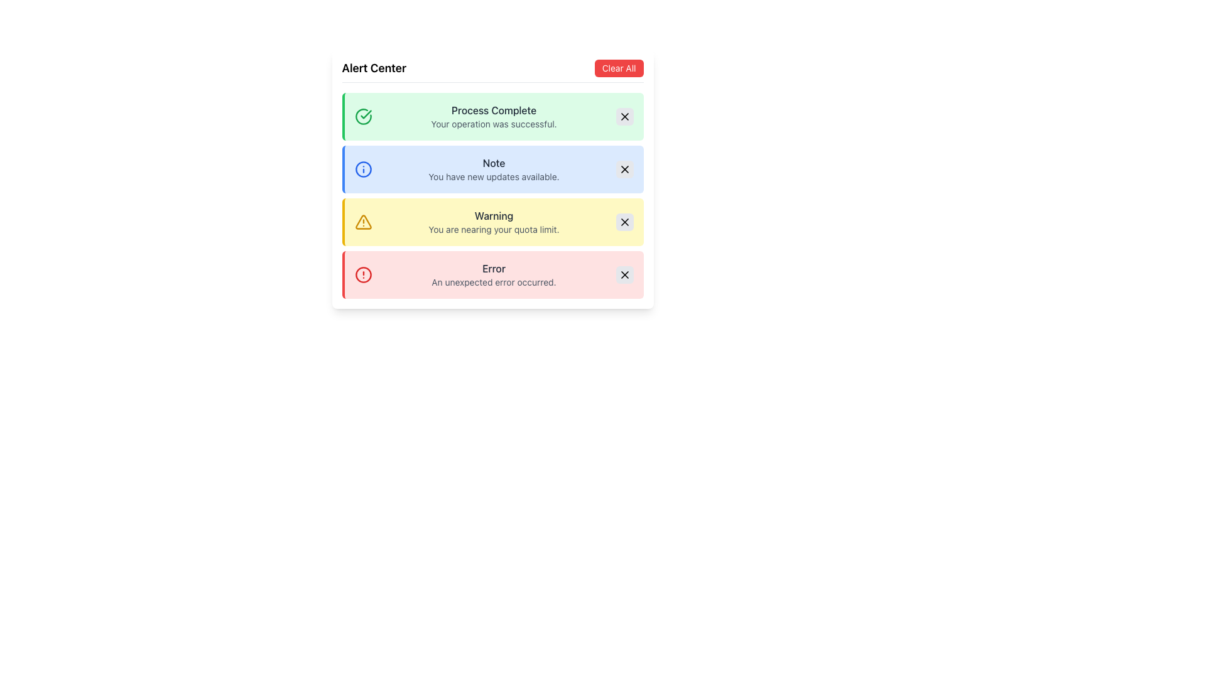 This screenshot has width=1206, height=678. Describe the element at coordinates (362, 222) in the screenshot. I see `the yellow triangle outline icon with an exclamation mark, located inside the 'Warning' notification card, which is the third card in the vertical list of alert cards` at that location.